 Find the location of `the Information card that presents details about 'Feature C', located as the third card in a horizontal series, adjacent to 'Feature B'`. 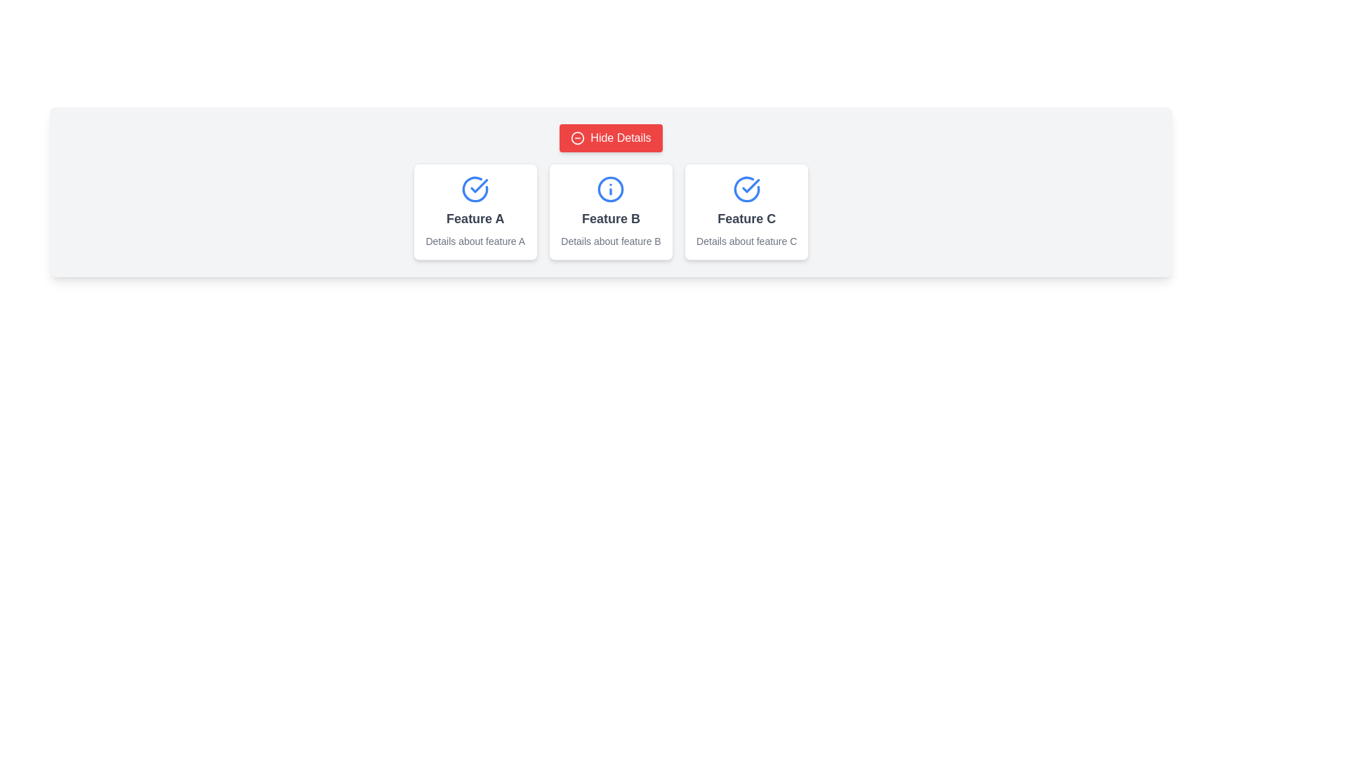

the Information card that presents details about 'Feature C', located as the third card in a horizontal series, adjacent to 'Feature B' is located at coordinates (746, 211).